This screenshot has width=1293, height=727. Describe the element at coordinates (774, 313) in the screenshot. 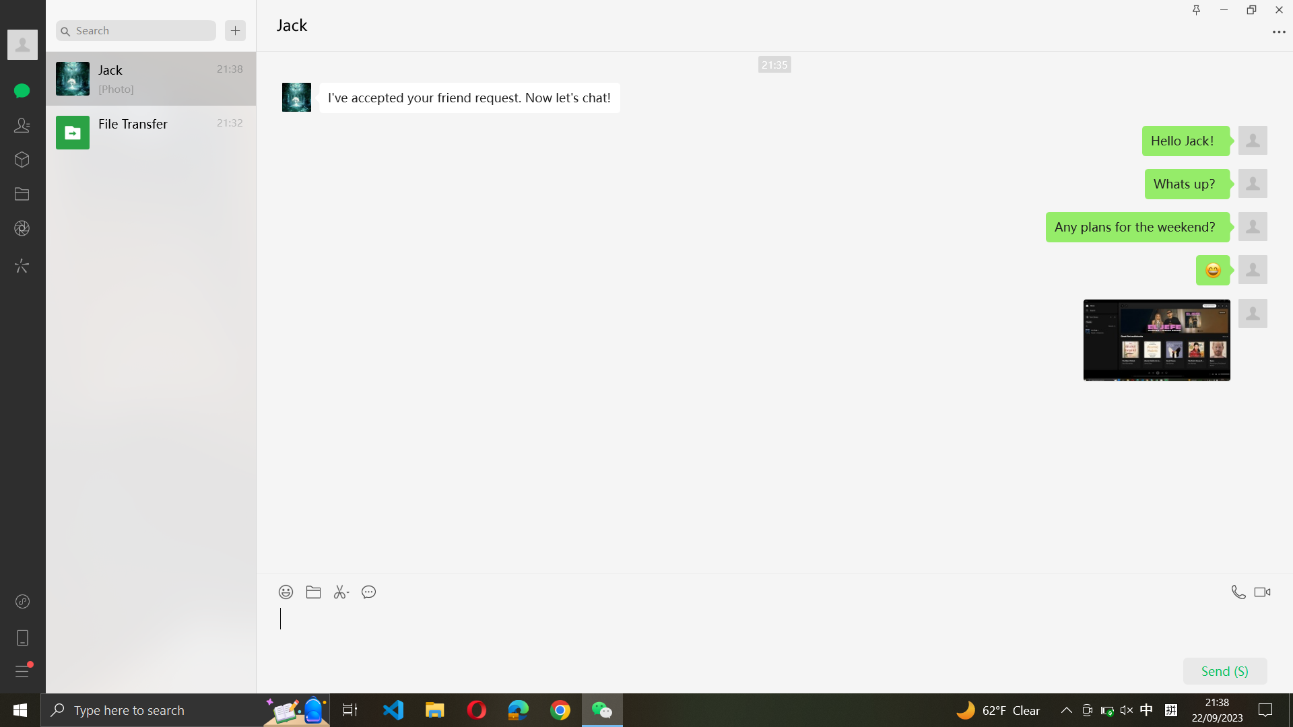

I see `Scroll up in the chat with Jack` at that location.